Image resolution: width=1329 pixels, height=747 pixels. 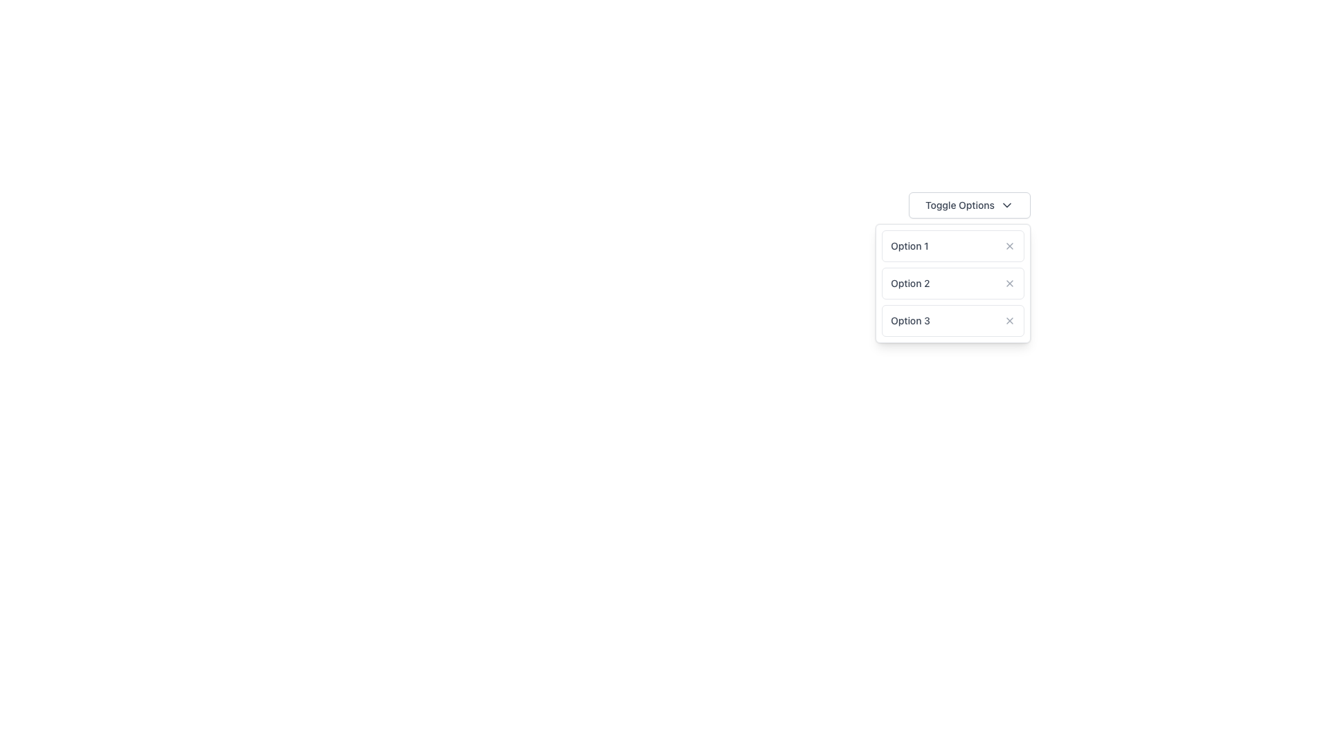 What do you see at coordinates (1010, 282) in the screenshot?
I see `the 'X' close icon located to the right of the 'Option 2' label` at bounding box center [1010, 282].